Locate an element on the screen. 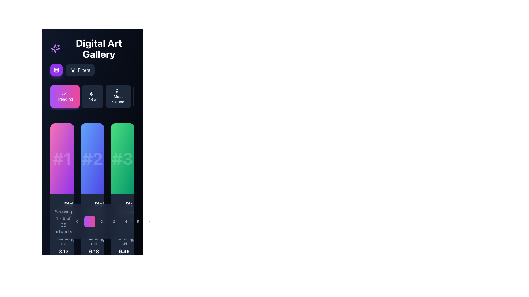  the circular button displaying the number '6' for visual feedback is located at coordinates (150, 221).